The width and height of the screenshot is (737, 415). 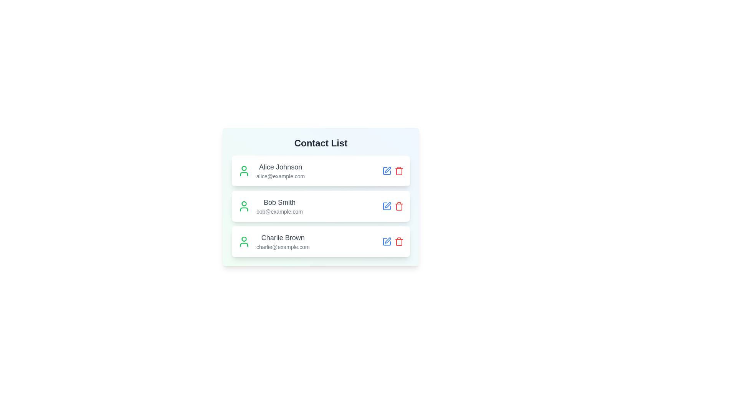 What do you see at coordinates (387, 241) in the screenshot?
I see `edit button for the contact Charlie Brown` at bounding box center [387, 241].